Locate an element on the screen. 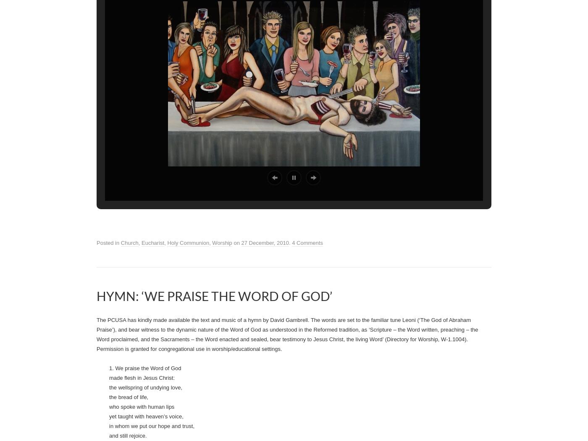 The height and width of the screenshot is (441, 588). ', José Comblin recalls that ‘Christendom has meant that there has been a close alliance between the clergy and the civil powers, meaning the civil authorities. A long reflection that is not only theory, but that has emerged out of living together with the poorest of the people, has demonstrated that this alliance has left no space for the Church of the Poor. This alliance has treated the poor like beggars, and has not allowed them to grow socially and/or culturally. This has been the case despite the pretty speeches of the authorities, meaning the dominant aristocracies’ (p. 75).' is located at coordinates (293, 53).